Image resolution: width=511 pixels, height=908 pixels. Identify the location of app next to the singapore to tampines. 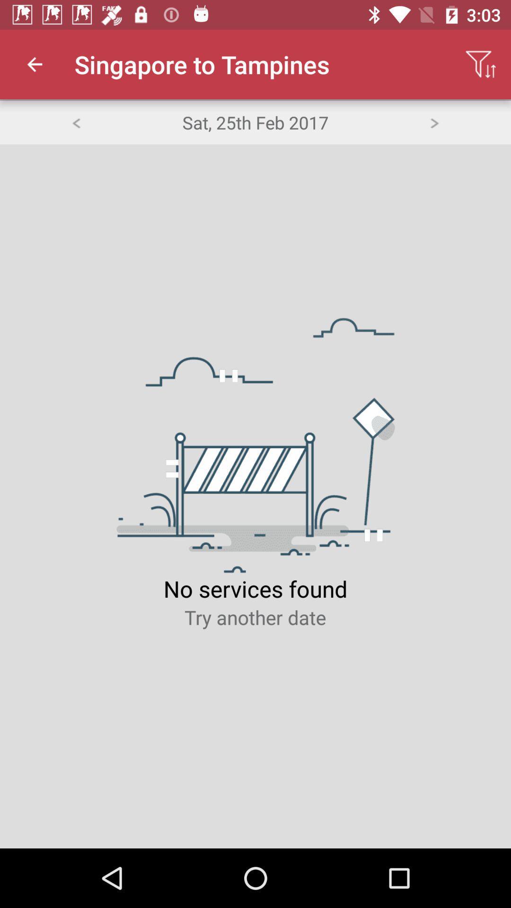
(34, 64).